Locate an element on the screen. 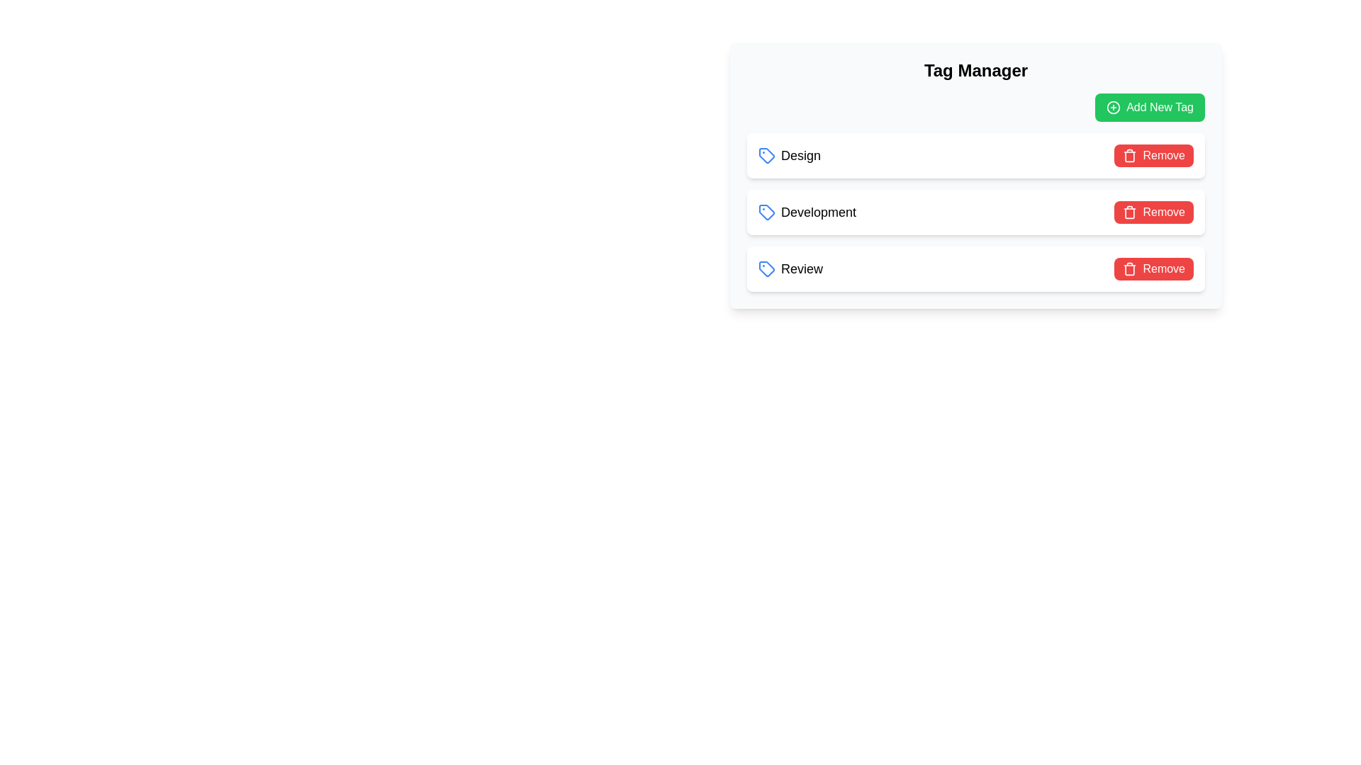  the blue outline tag icon in the 'Tag Manager' section, located to the left of the label text 'Development' is located at coordinates (766, 212).